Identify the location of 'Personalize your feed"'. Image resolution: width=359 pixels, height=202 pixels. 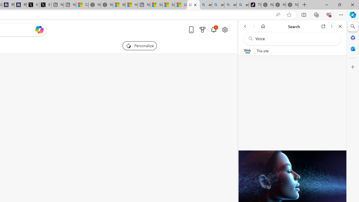
(139, 45).